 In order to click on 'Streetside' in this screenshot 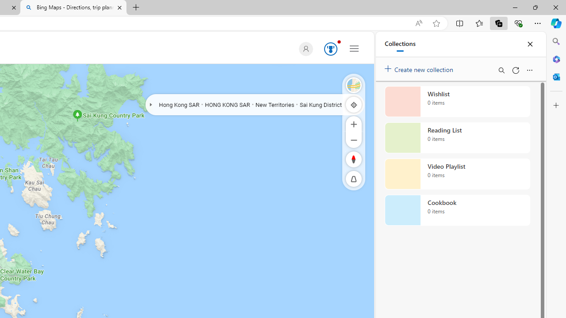, I will do `click(354, 85)`.